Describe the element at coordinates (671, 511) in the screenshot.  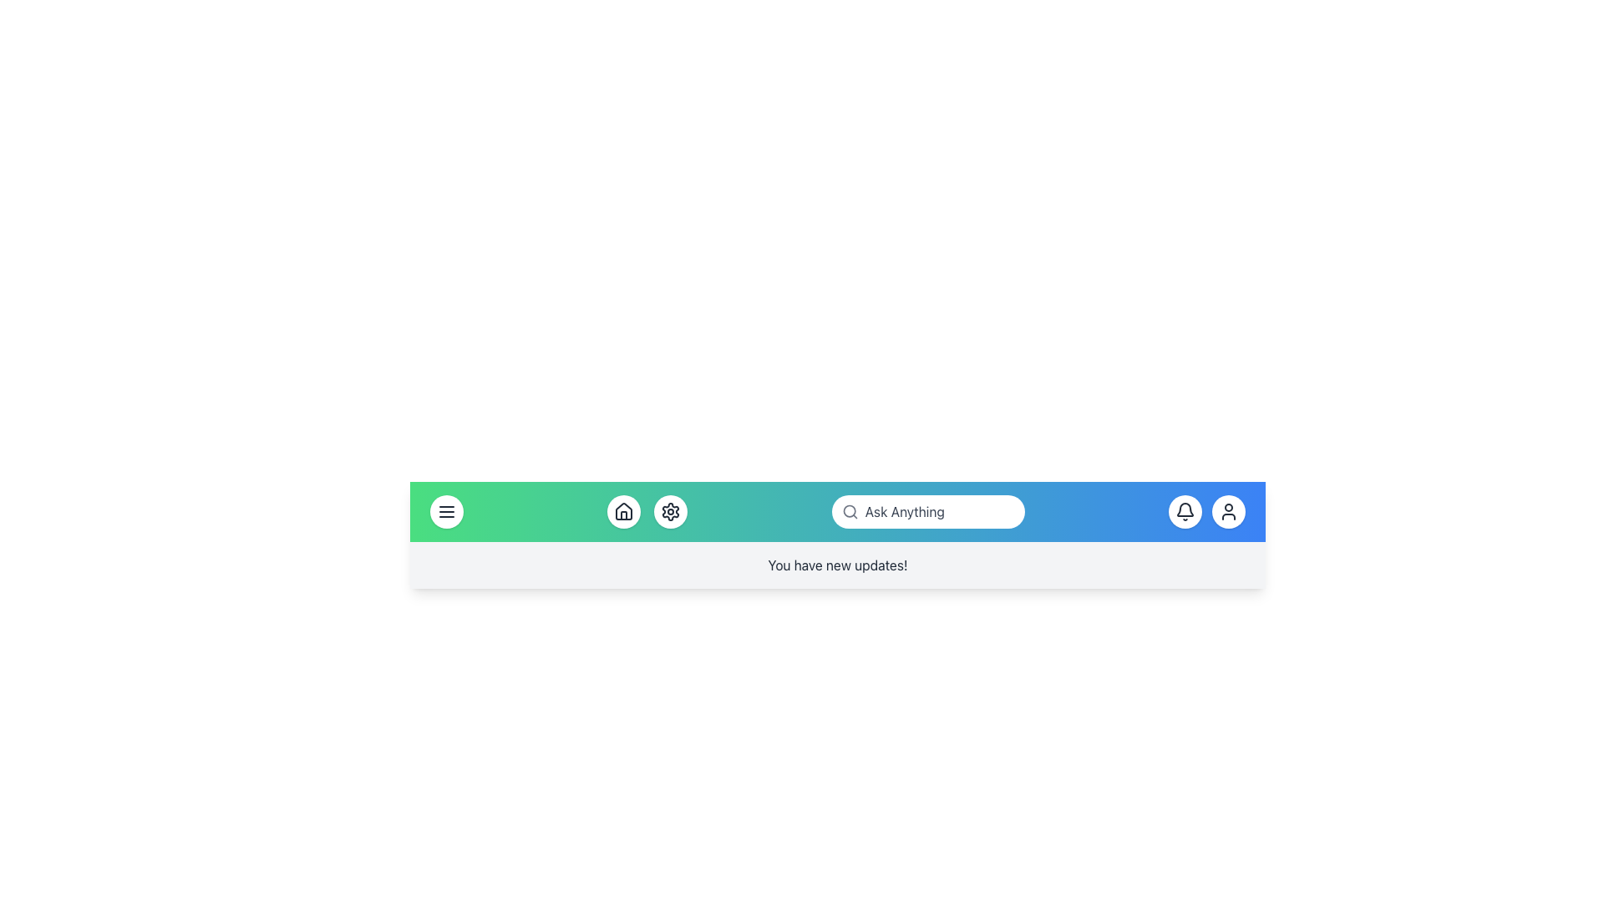
I see `the third circular settings button located in the navigation bar` at that location.